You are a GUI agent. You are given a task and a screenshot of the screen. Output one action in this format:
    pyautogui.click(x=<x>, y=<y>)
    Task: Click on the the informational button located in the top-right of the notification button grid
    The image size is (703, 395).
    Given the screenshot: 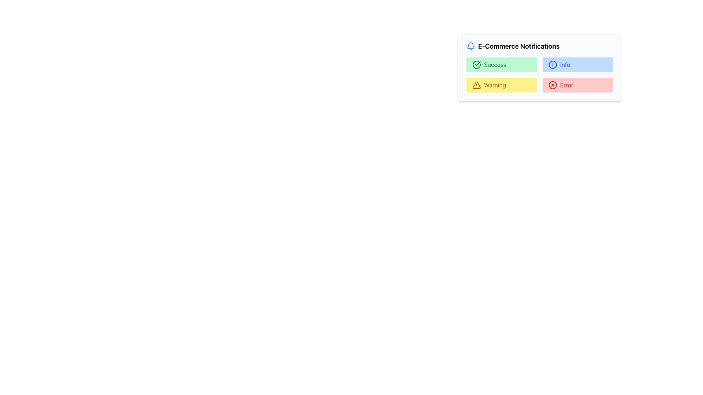 What is the action you would take?
    pyautogui.click(x=577, y=64)
    